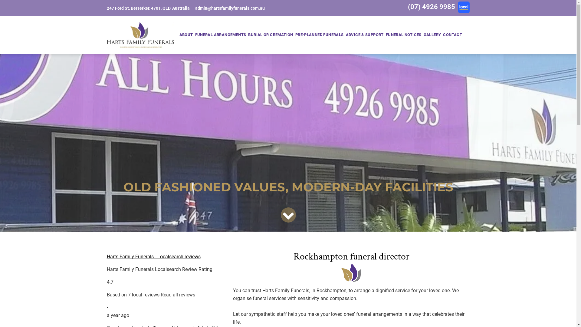  Describe the element at coordinates (220, 35) in the screenshot. I see `'FUNERAL ARRANGEMENTS'` at that location.